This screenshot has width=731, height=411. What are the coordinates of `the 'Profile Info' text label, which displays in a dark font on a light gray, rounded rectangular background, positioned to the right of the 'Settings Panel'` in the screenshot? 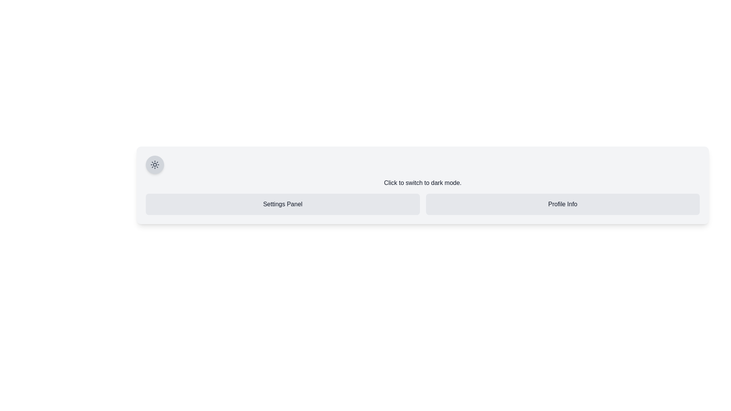 It's located at (563, 204).